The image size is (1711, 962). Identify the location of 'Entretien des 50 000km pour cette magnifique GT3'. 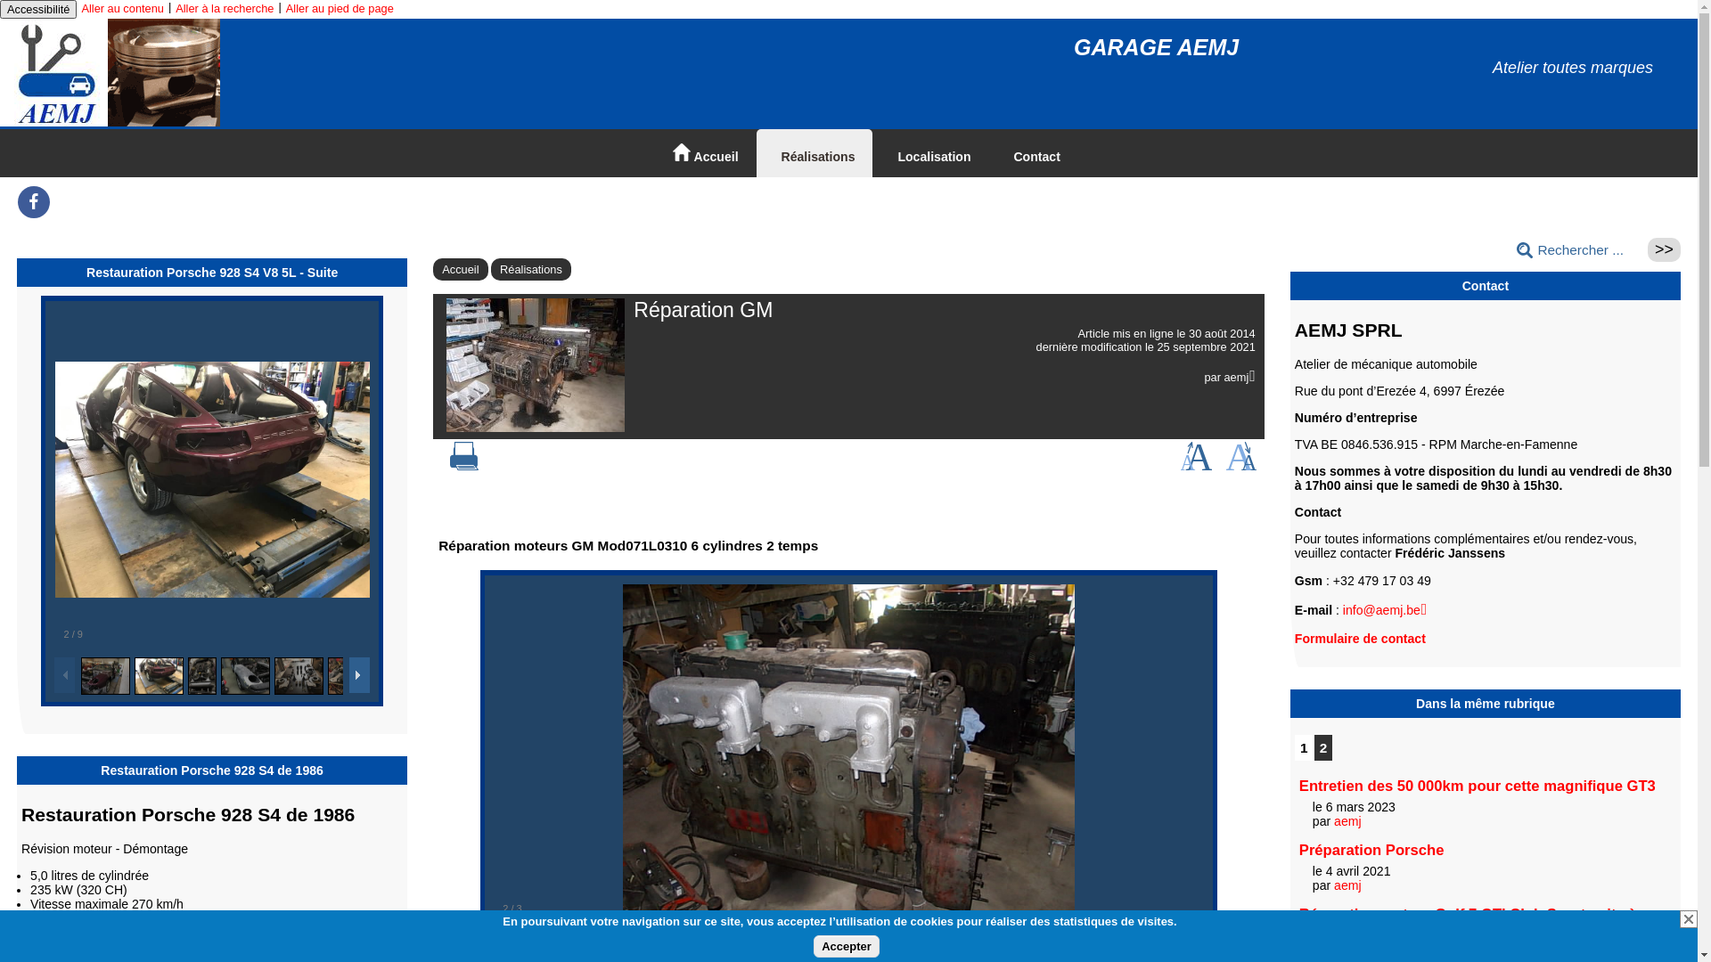
(1477, 785).